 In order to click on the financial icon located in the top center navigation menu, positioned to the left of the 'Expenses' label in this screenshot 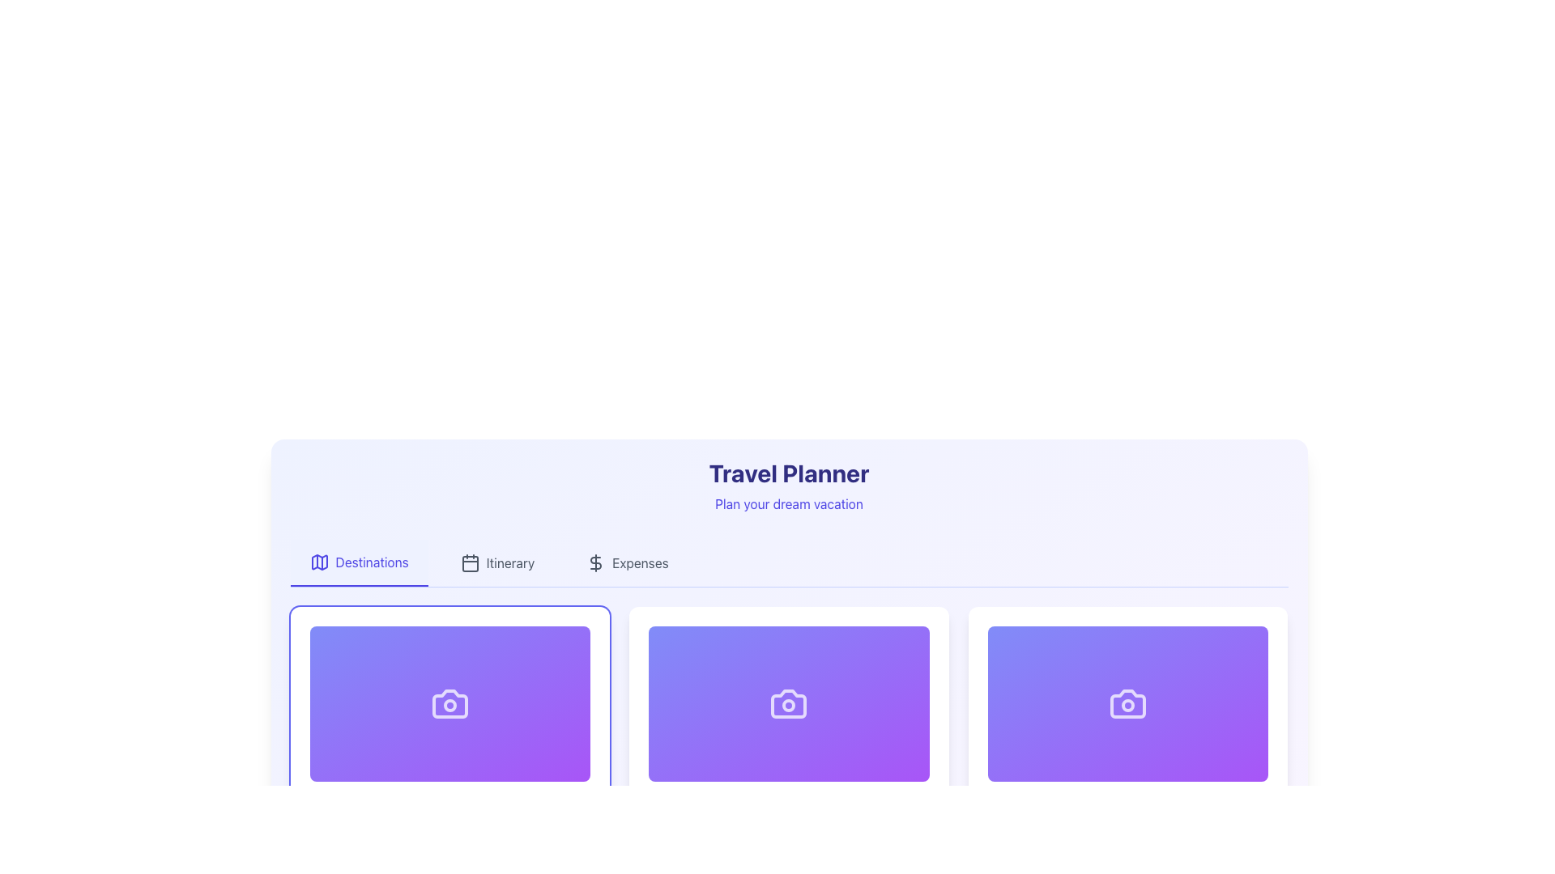, I will do `click(595, 562)`.